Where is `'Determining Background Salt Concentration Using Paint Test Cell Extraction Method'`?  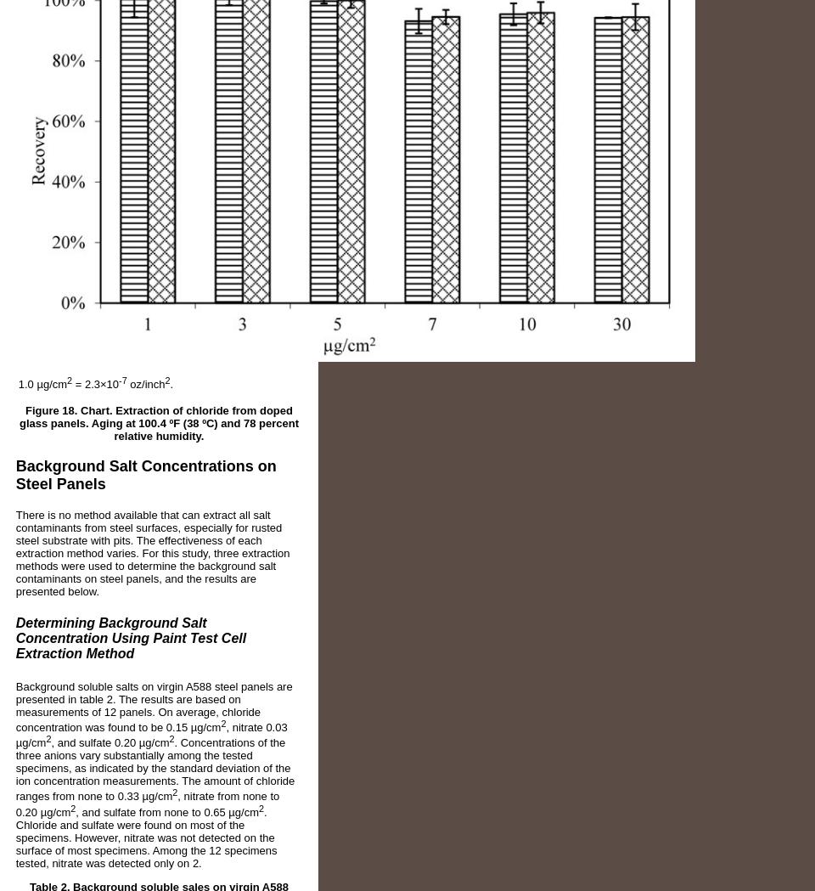 'Determining Background Salt Concentration Using Paint Test Cell Extraction Method' is located at coordinates (129, 637).